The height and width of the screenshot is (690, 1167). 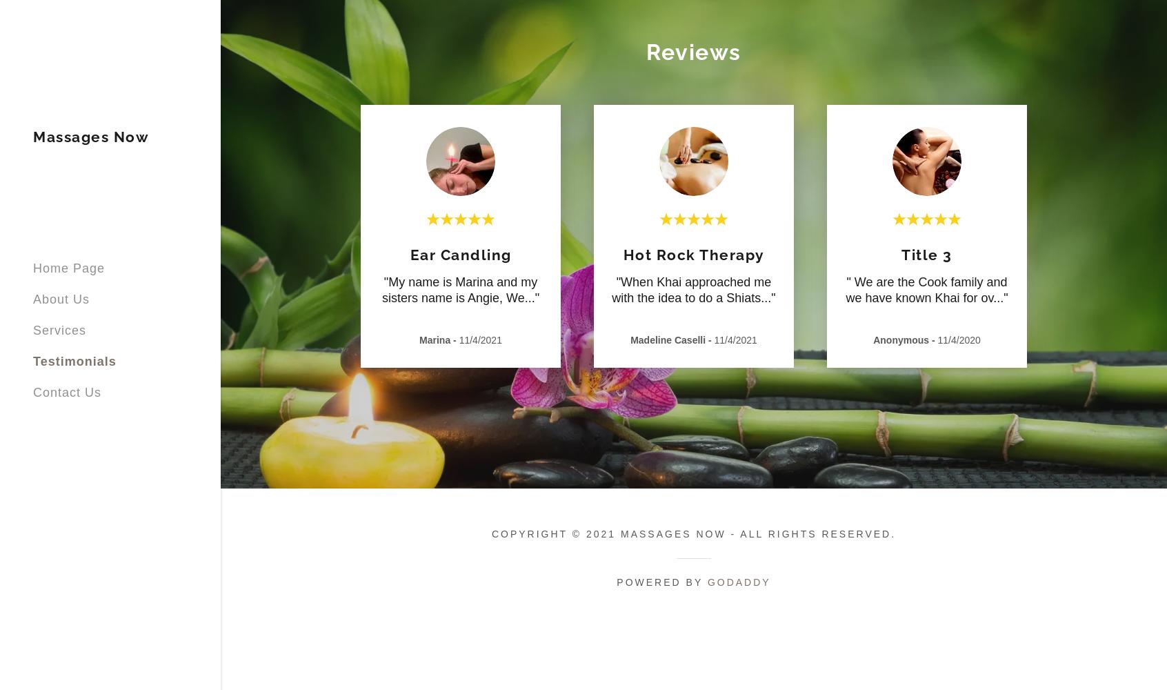 What do you see at coordinates (926, 282) in the screenshot?
I see `'" We are the Cook family and'` at bounding box center [926, 282].